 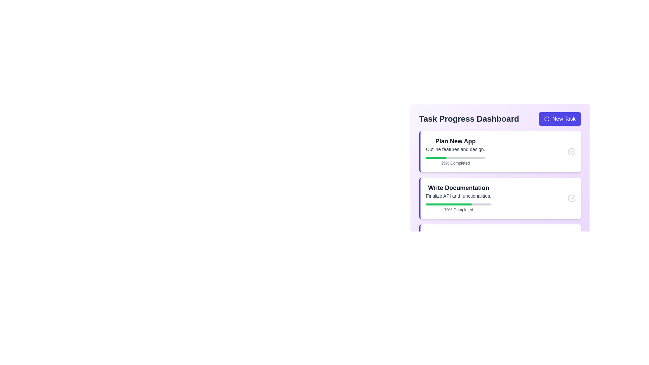 What do you see at coordinates (449, 204) in the screenshot?
I see `the green foreground portion of the progress bar indicating 70% completion for the 'Write Documentation' task under the 'Plan New App' task card in the Task Progress Dashboard` at bounding box center [449, 204].